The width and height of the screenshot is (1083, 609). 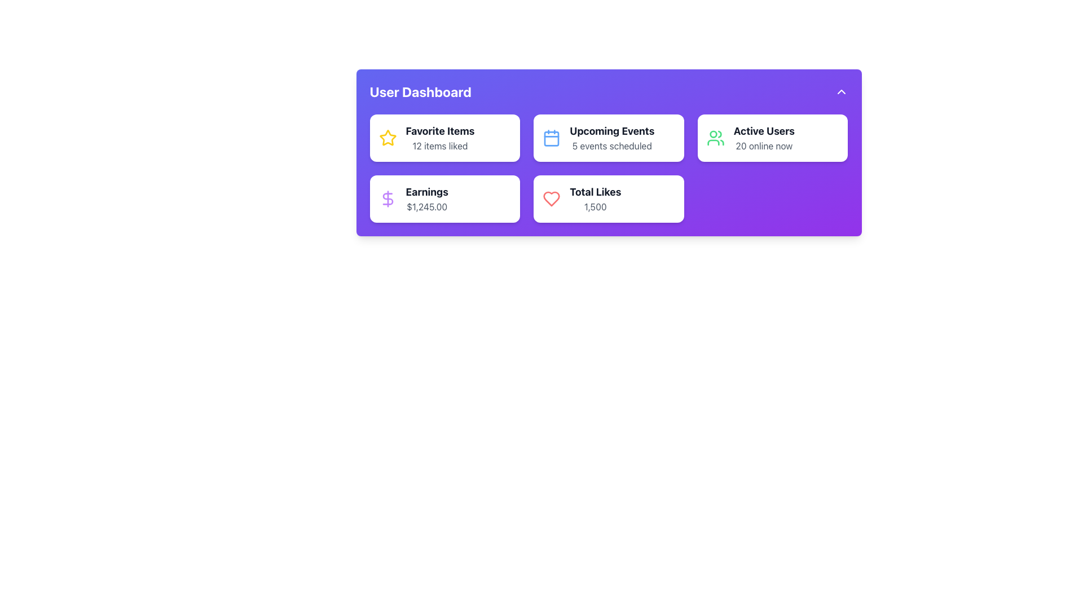 What do you see at coordinates (841, 91) in the screenshot?
I see `the upward-pointing chevron-shaped arrow icon button located at the far right end of the header in the 'User Dashboard' section` at bounding box center [841, 91].